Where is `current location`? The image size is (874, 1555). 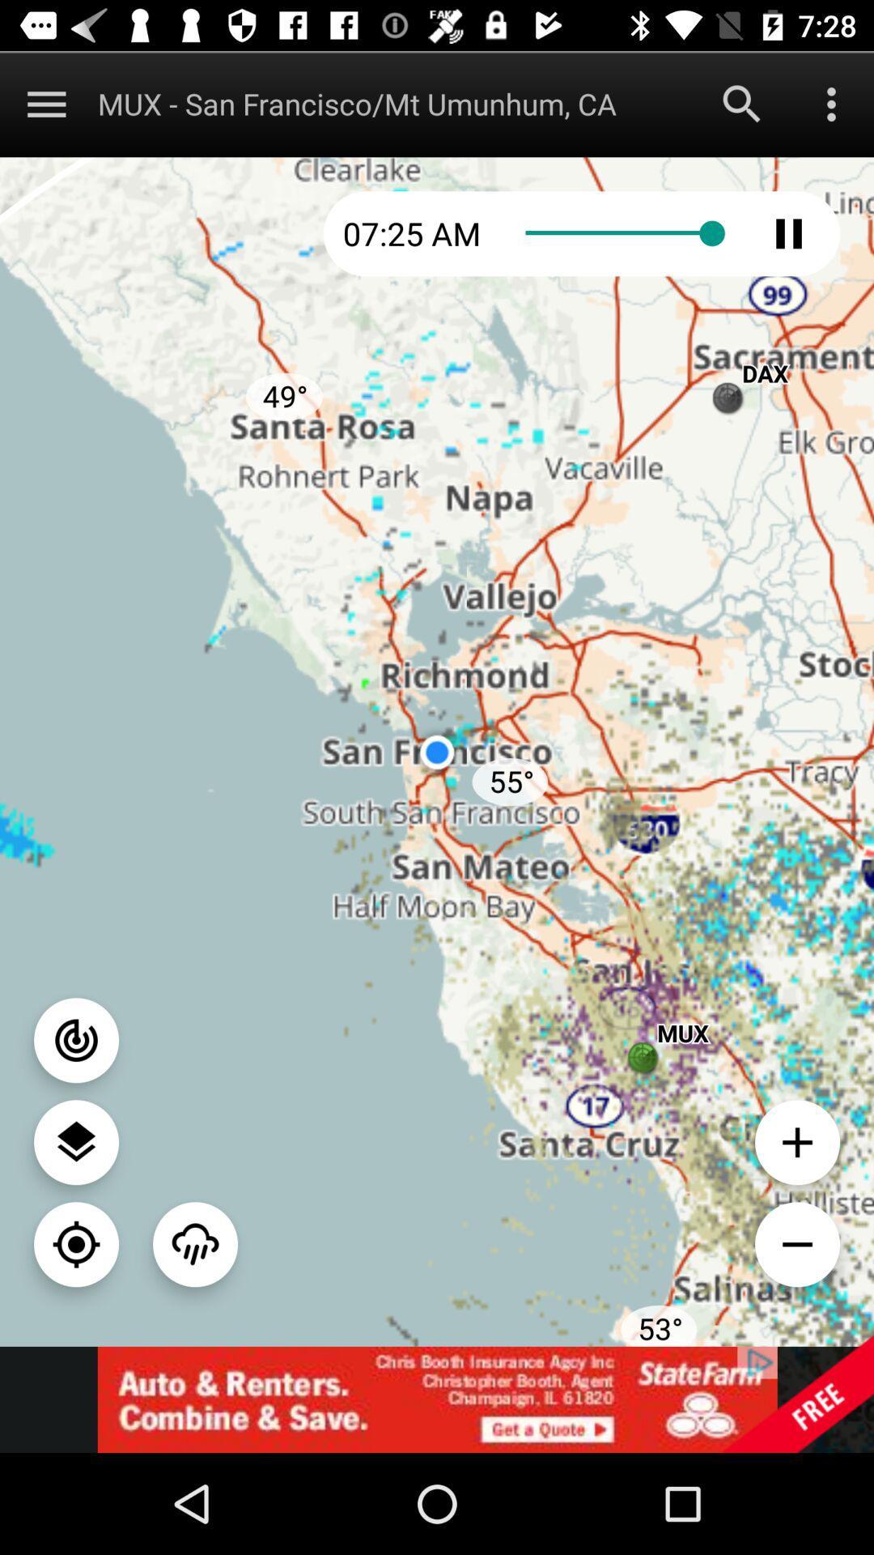 current location is located at coordinates (76, 1243).